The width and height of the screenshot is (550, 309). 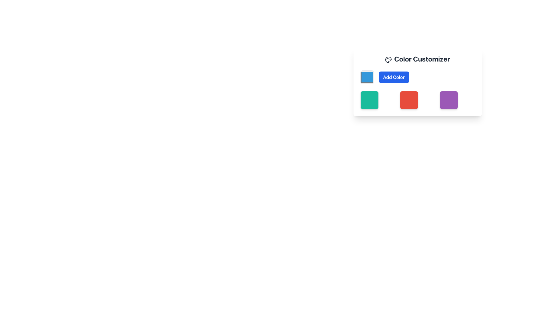 What do you see at coordinates (457, 100) in the screenshot?
I see `the last square with a purple background in the 'Color Customizer' interface` at bounding box center [457, 100].